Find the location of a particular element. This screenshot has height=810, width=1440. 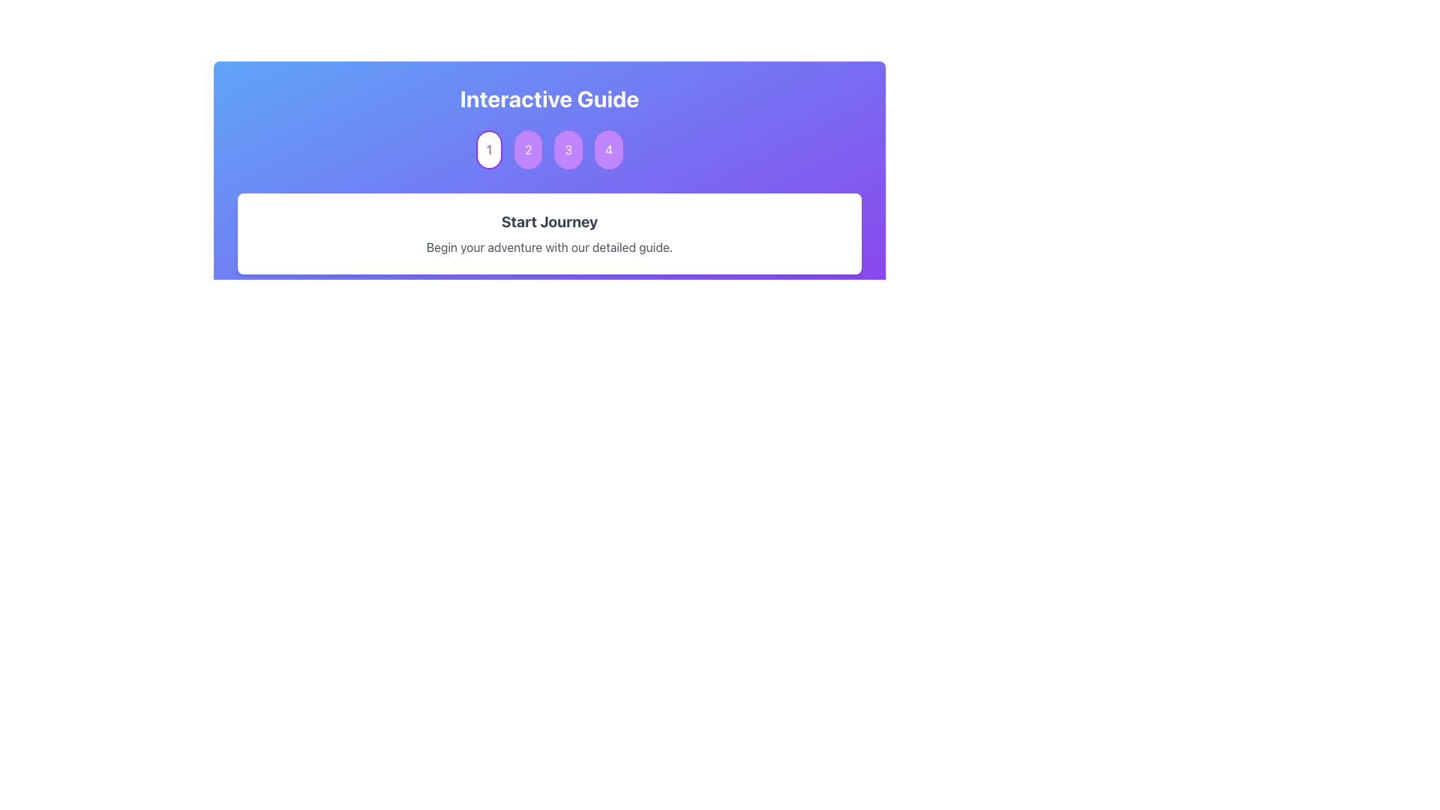

the first circular button in the horizontal sequence under the 'Interactive Guide' heading is located at coordinates (489, 150).